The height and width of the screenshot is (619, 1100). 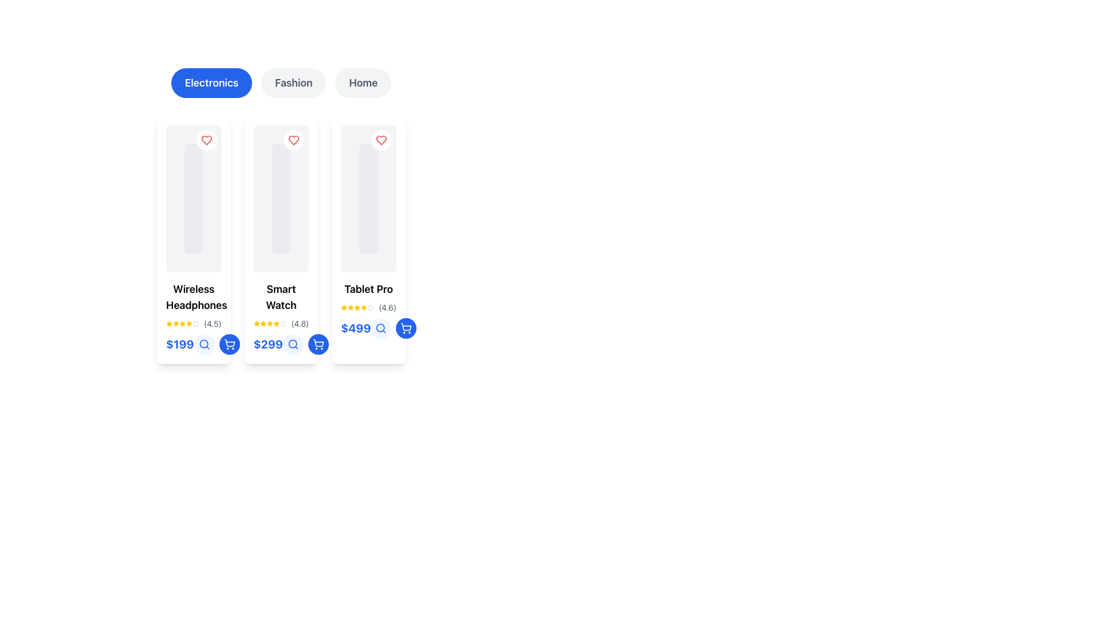 What do you see at coordinates (387, 307) in the screenshot?
I see `the numeric value displayed in the text label next to the star icons for the 'Tablet Pro' product rating` at bounding box center [387, 307].